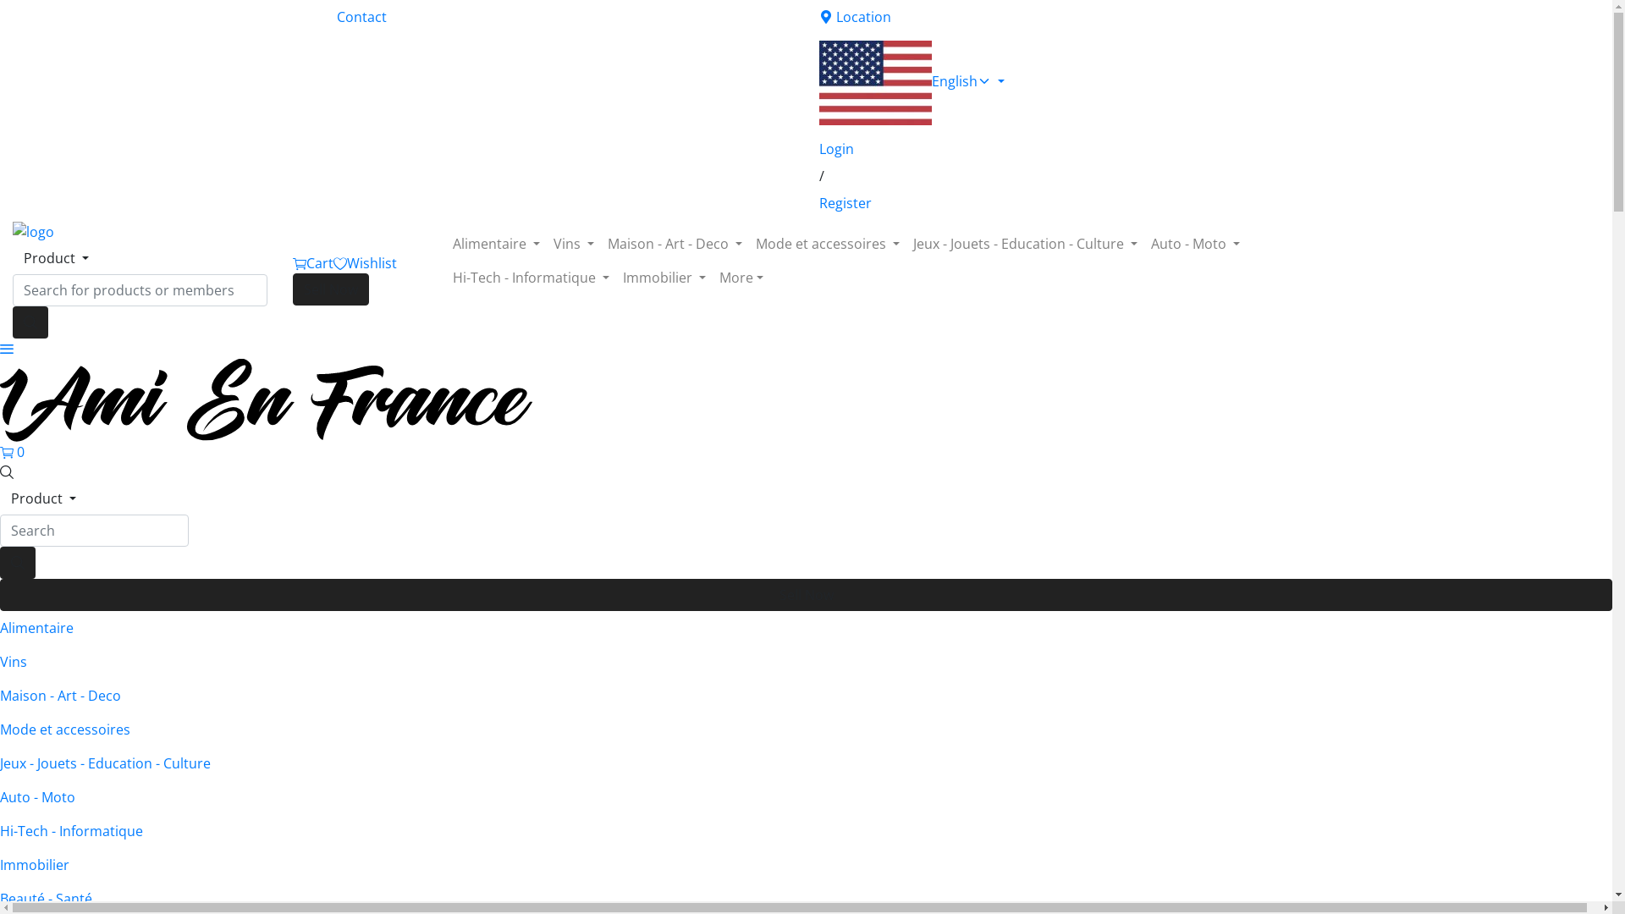 The height and width of the screenshot is (914, 1625). I want to click on 'English', so click(1047, 82).